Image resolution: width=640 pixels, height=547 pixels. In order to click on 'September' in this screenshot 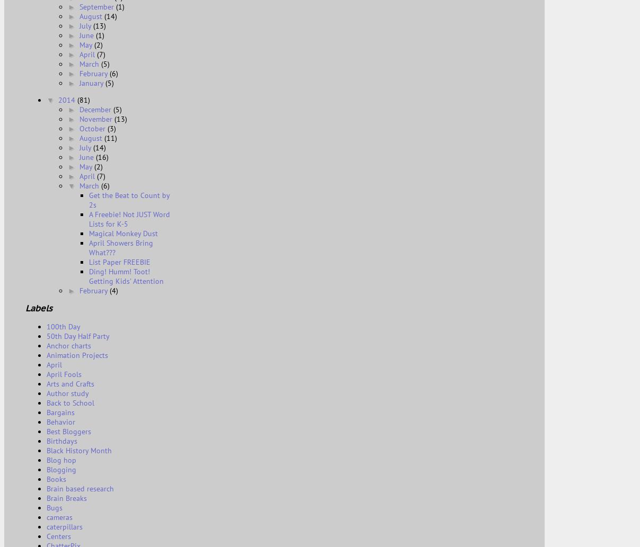, I will do `click(78, 7)`.